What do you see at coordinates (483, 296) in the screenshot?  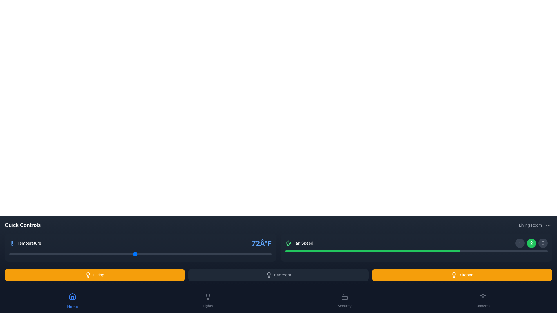 I see `the camera icon located above the 'Cameras' text label in the navigation segment of the interface` at bounding box center [483, 296].